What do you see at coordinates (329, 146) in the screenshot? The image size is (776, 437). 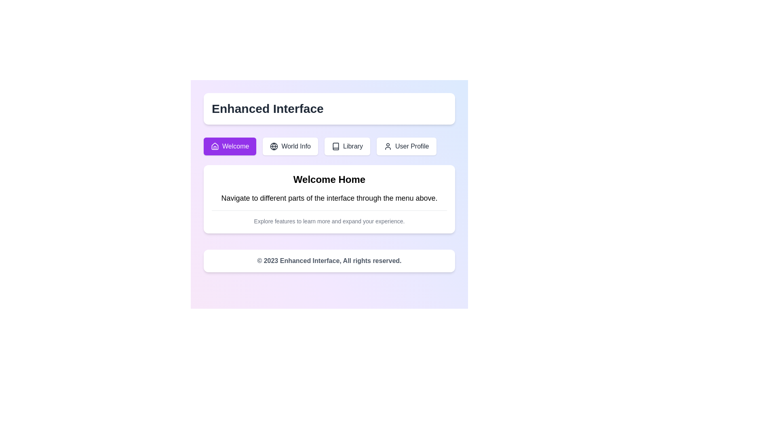 I see `the 'Library' button in the navigation menu` at bounding box center [329, 146].